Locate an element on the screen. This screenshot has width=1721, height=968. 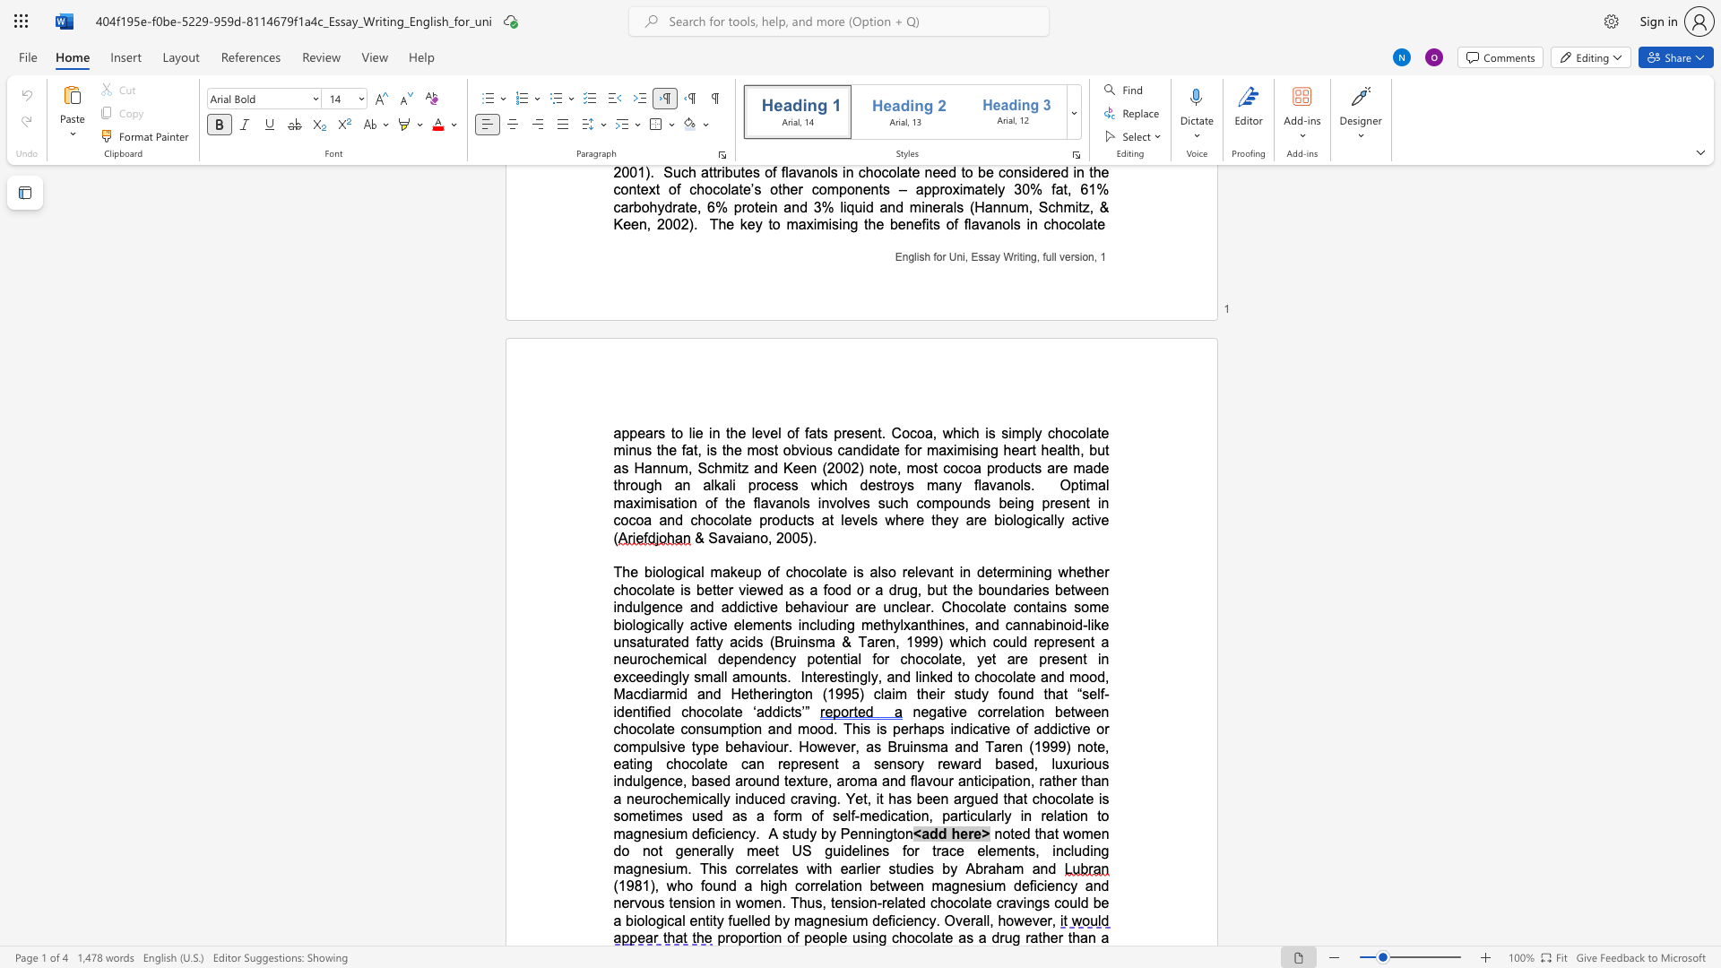
the subset text "lly me" within the text "generally meet" is located at coordinates (720, 850).